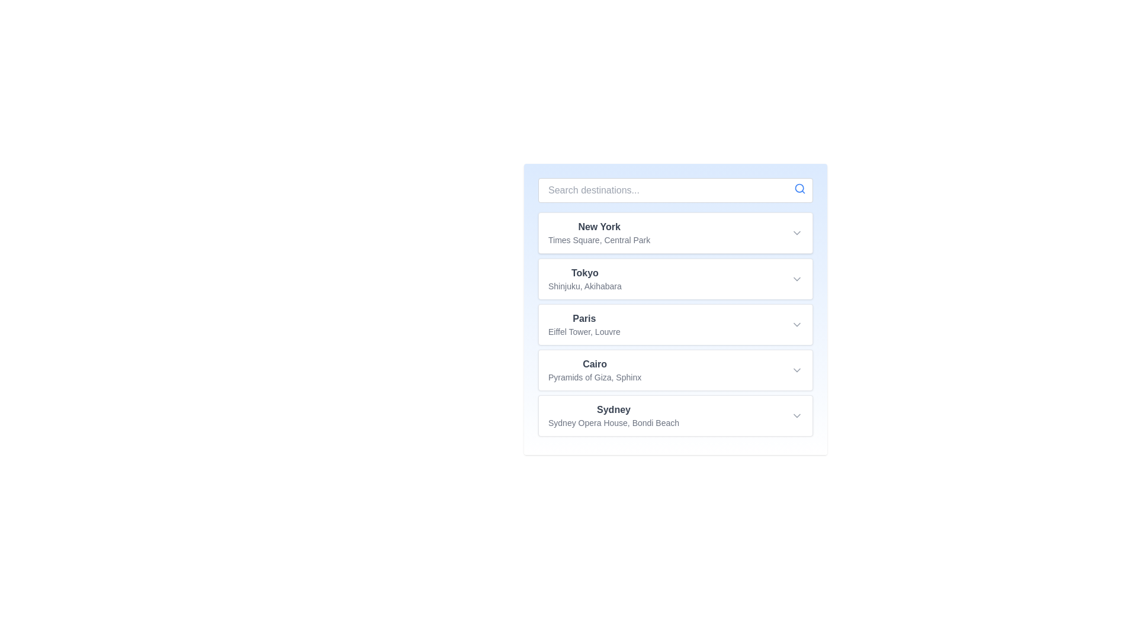 The height and width of the screenshot is (639, 1137). What do you see at coordinates (676, 324) in the screenshot?
I see `the list item representing the city of Paris` at bounding box center [676, 324].